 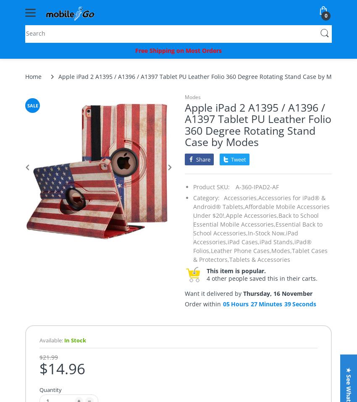 What do you see at coordinates (62, 368) in the screenshot?
I see `'$14.96'` at bounding box center [62, 368].